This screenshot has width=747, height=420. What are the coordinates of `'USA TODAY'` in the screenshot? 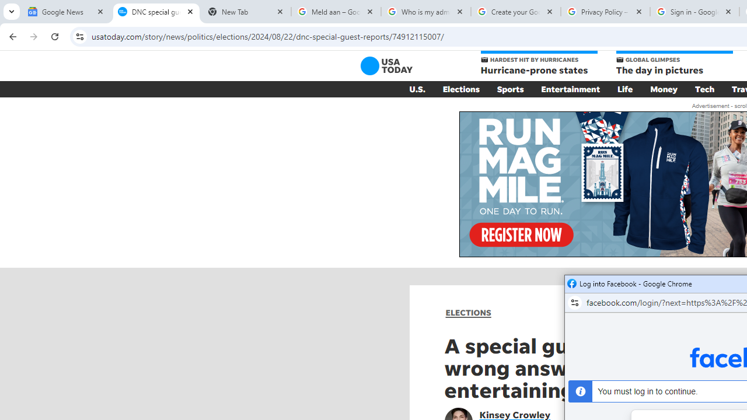 It's located at (386, 66).